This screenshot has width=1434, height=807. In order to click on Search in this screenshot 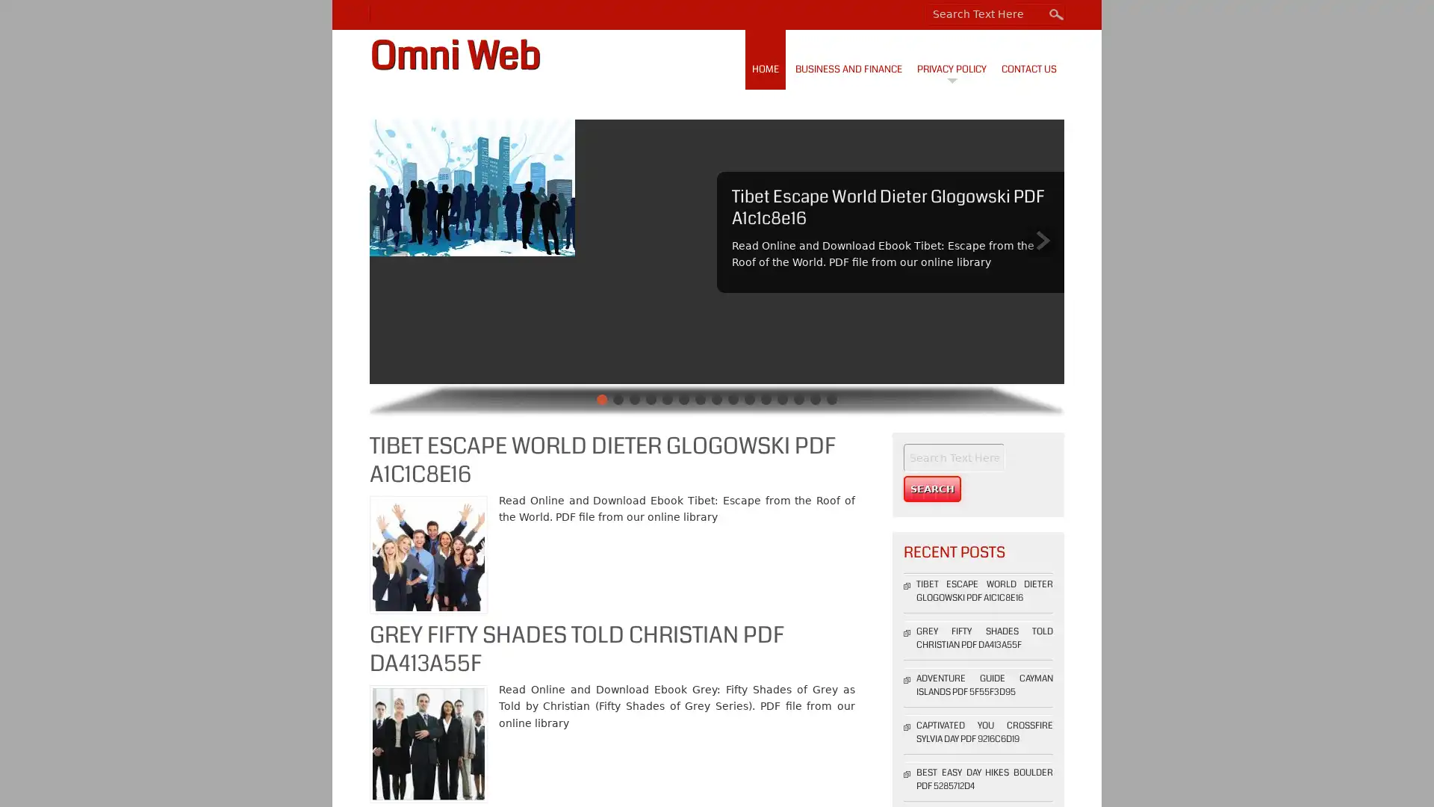, I will do `click(931, 489)`.